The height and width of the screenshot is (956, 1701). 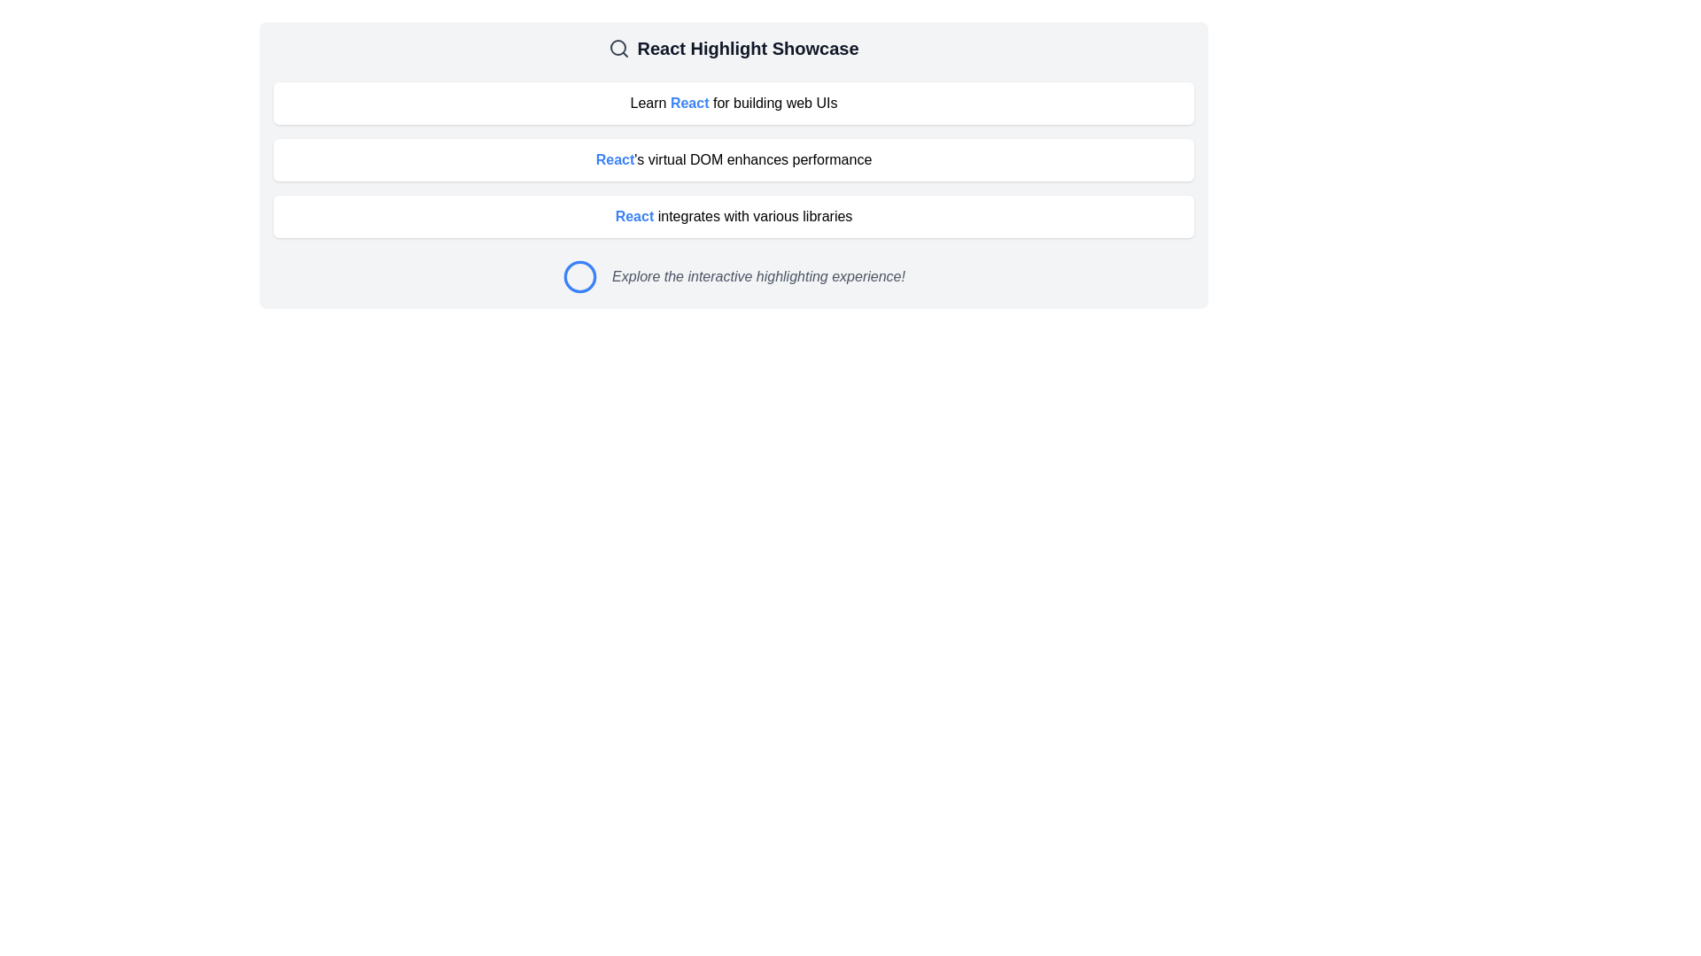 I want to click on the magnifying glass icon representing the search functionality, so click(x=619, y=47).